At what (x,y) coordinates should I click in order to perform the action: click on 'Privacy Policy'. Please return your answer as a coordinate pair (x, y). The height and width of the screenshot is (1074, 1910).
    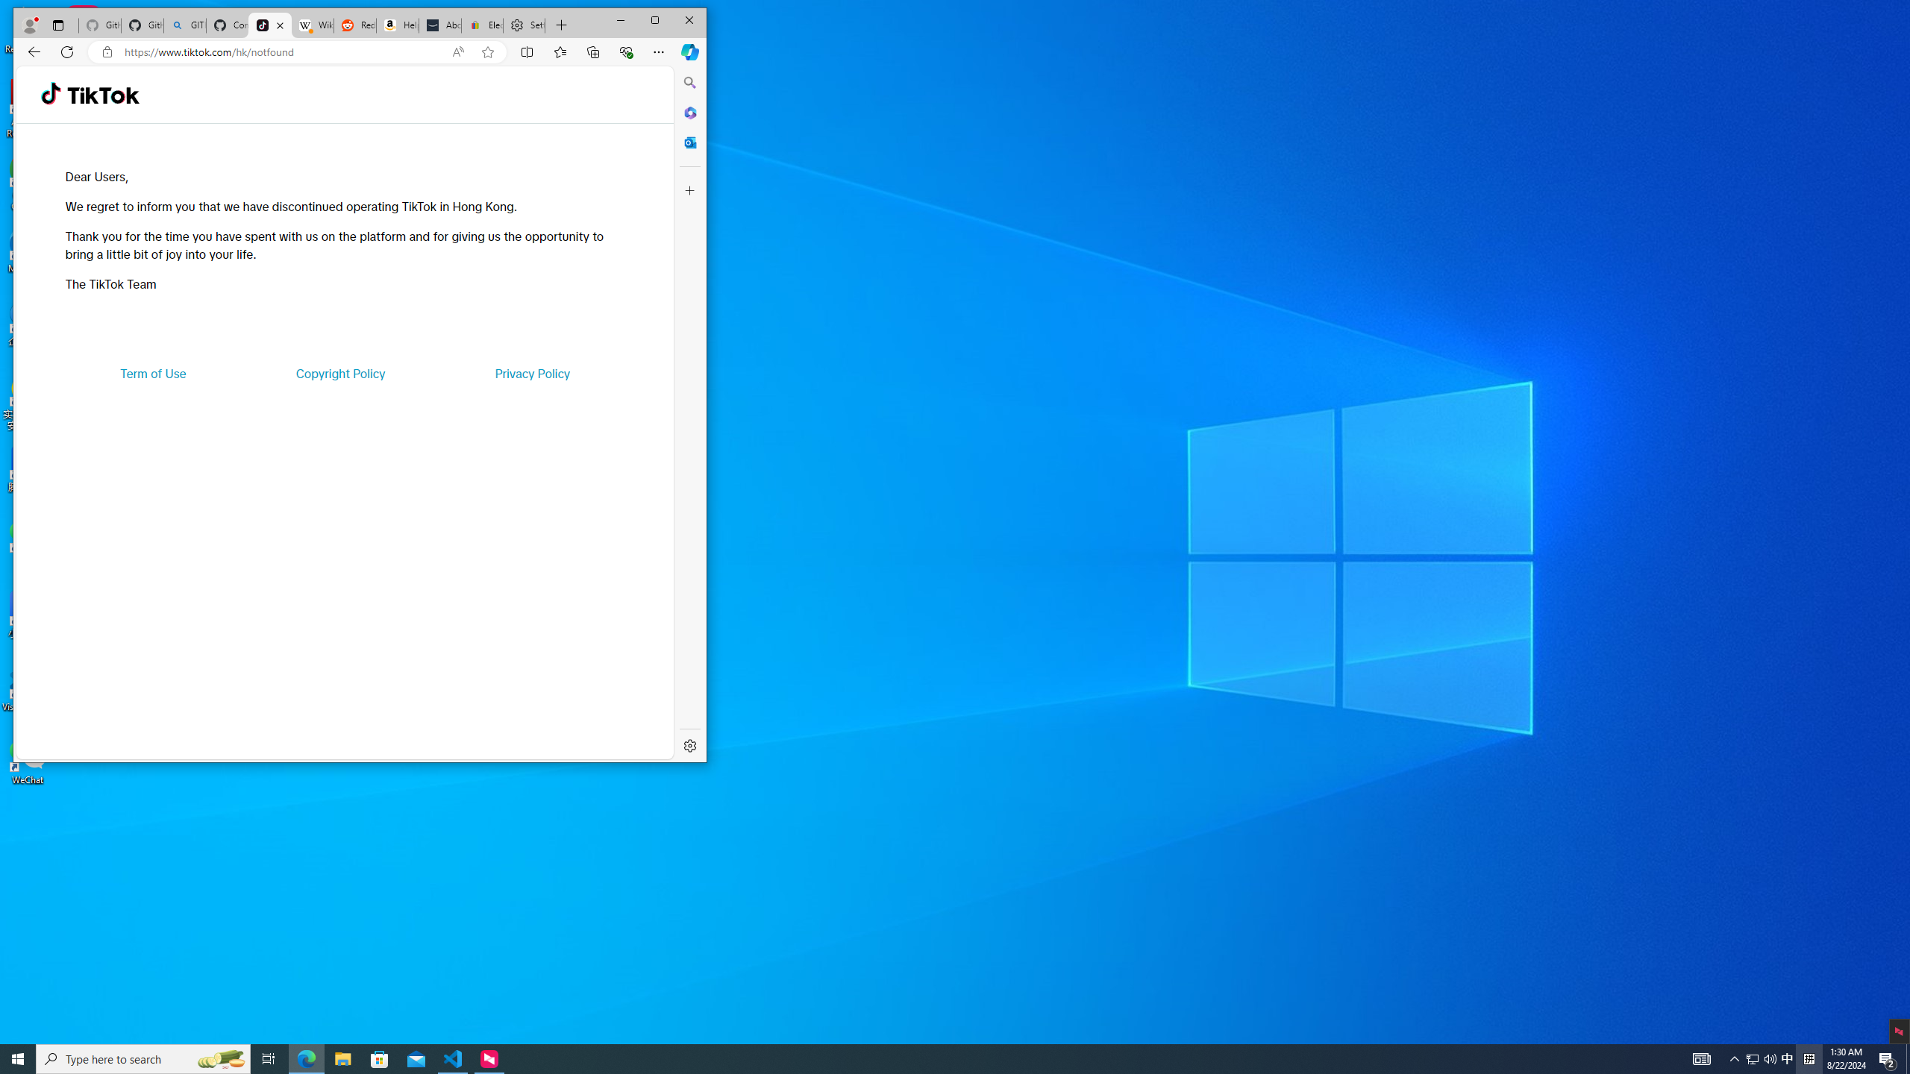
    Looking at the image, I should click on (531, 374).